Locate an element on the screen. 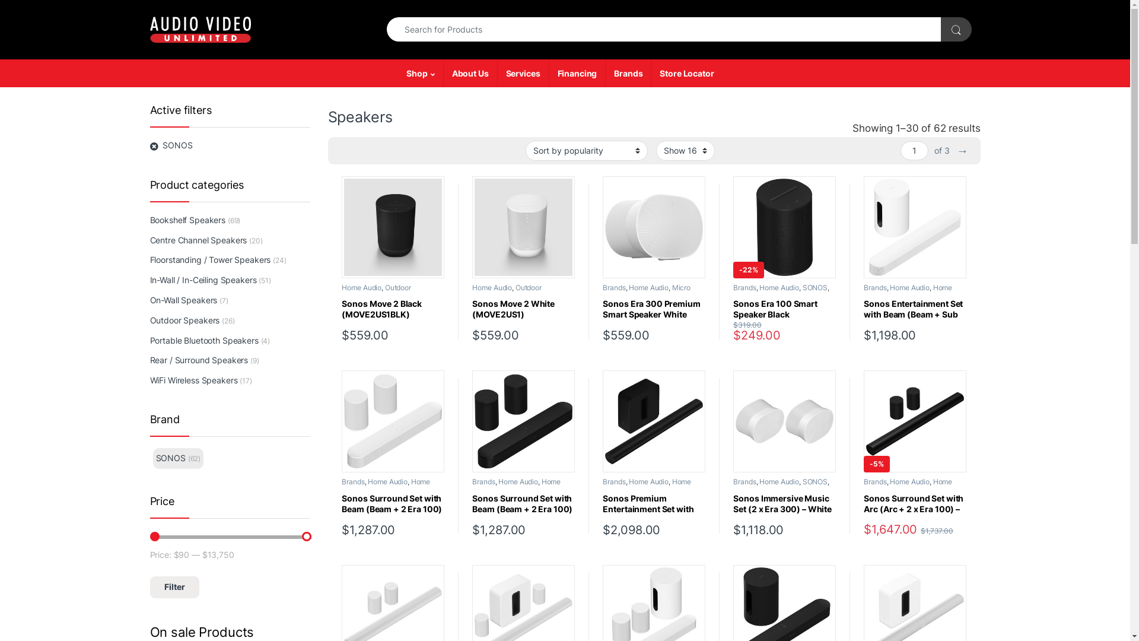  'On-Wall Speakers' is located at coordinates (182, 299).